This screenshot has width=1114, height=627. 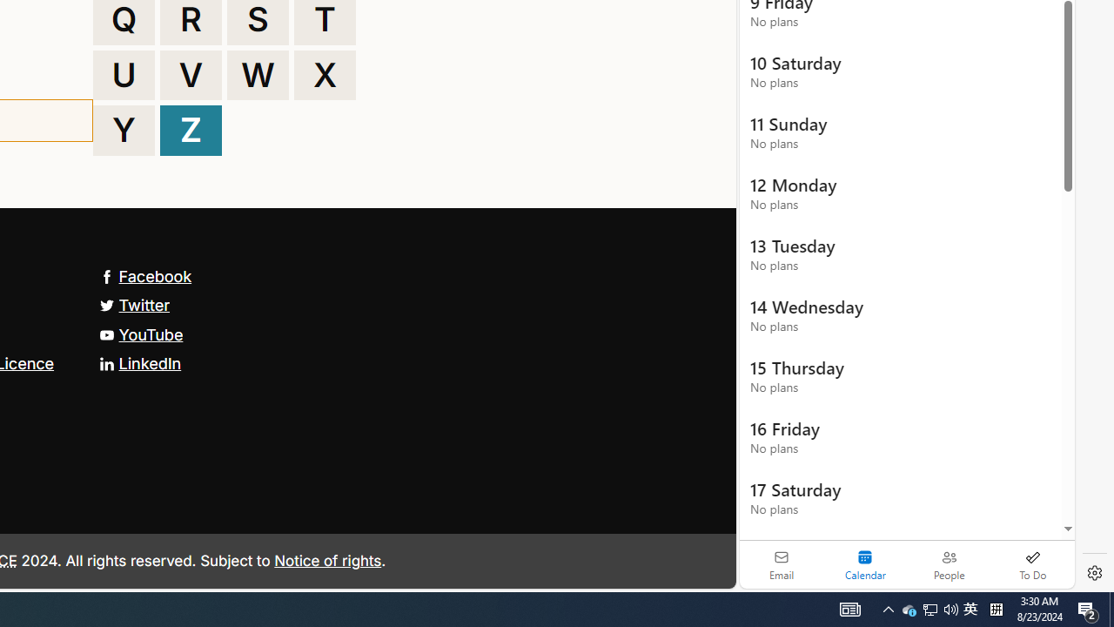 I want to click on 'People', so click(x=948, y=564).